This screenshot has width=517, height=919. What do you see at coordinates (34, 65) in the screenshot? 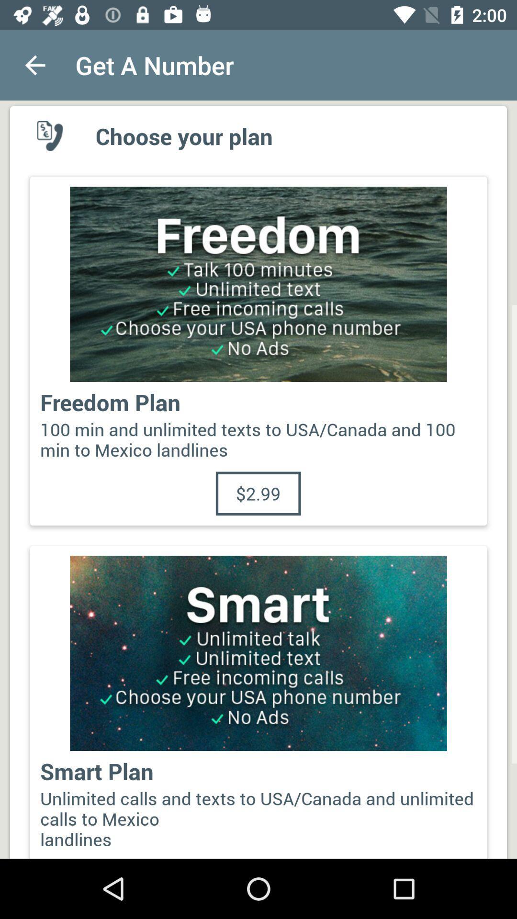
I see `the item to the left of the get a number app` at bounding box center [34, 65].